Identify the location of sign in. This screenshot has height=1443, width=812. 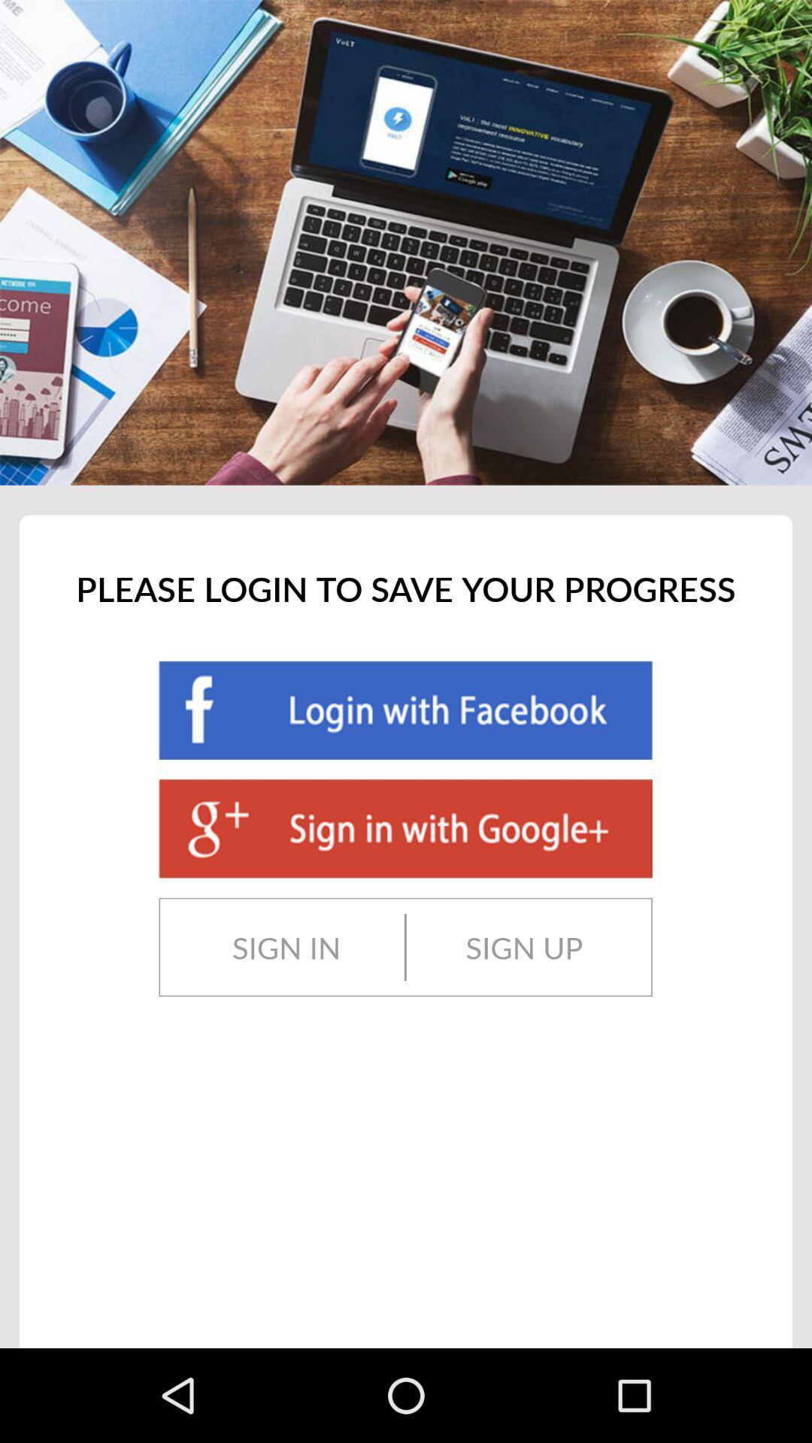
(286, 946).